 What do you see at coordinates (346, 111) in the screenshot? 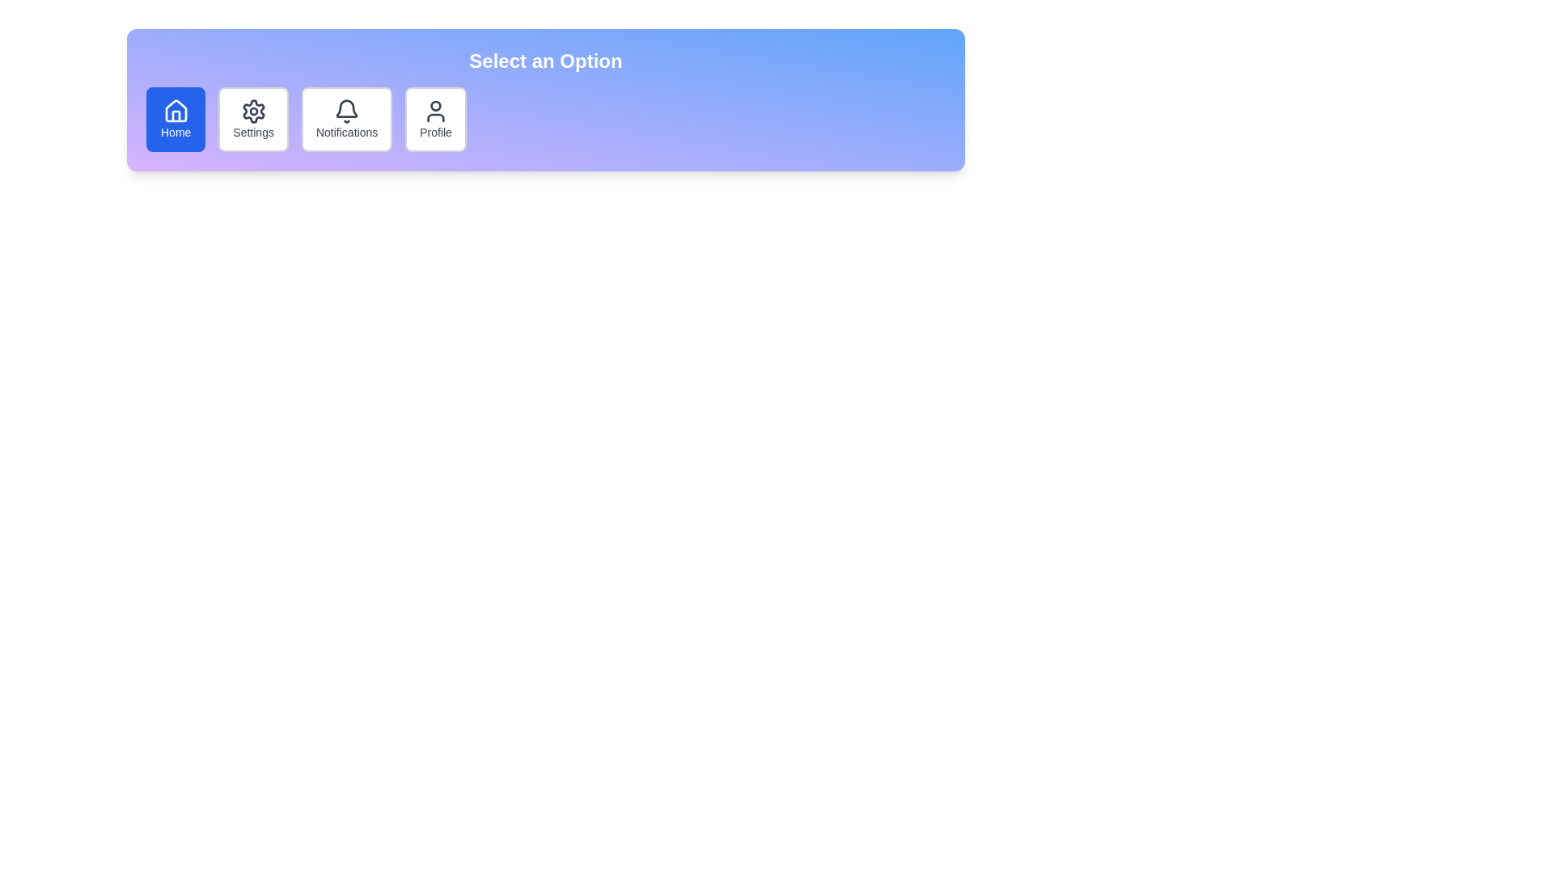
I see `the outlined bell icon within the 'Notifications' button` at bounding box center [346, 111].